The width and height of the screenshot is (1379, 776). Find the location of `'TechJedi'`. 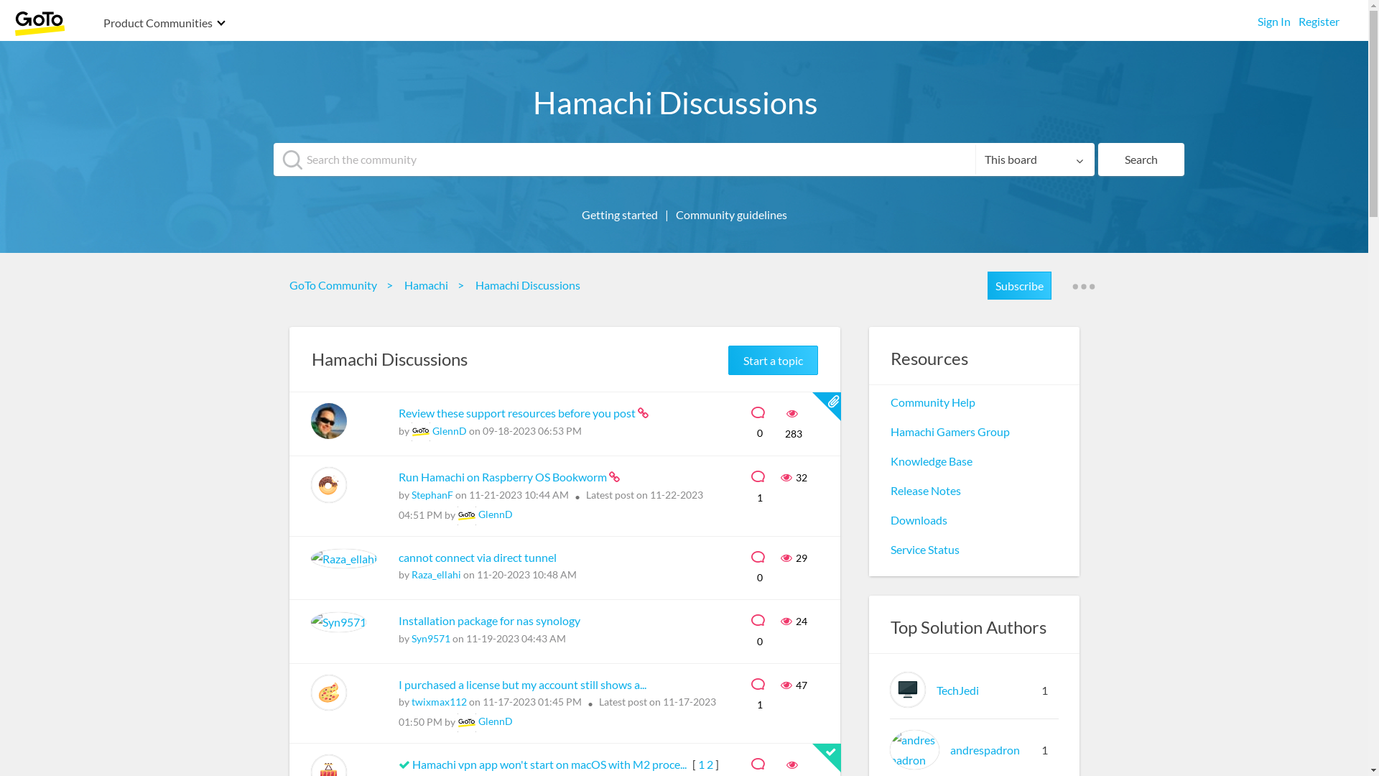

'TechJedi' is located at coordinates (957, 689).